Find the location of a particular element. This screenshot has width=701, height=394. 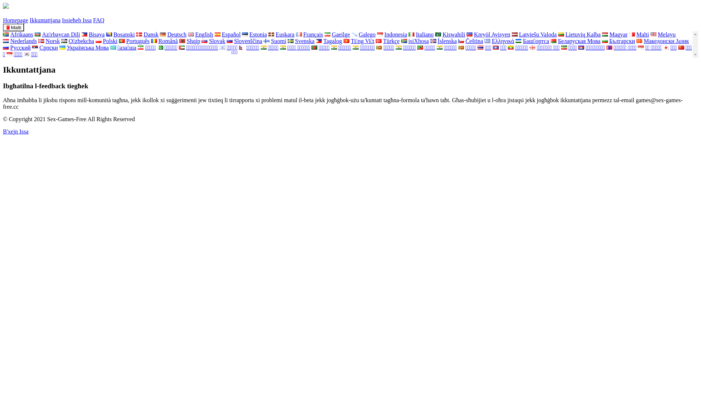

'Dansk' is located at coordinates (147, 34).